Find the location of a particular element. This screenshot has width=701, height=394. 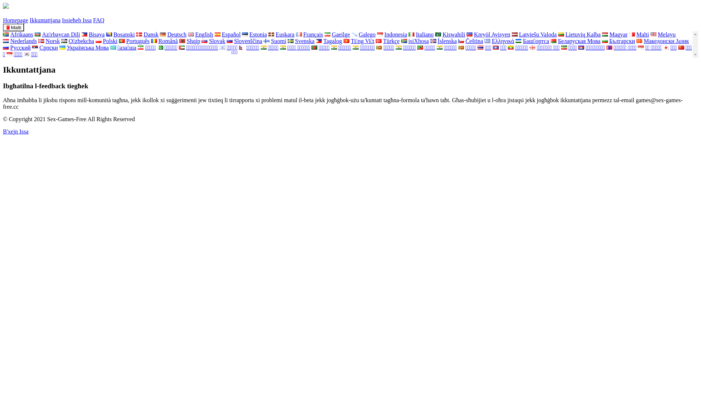

'Dansk' is located at coordinates (147, 34).